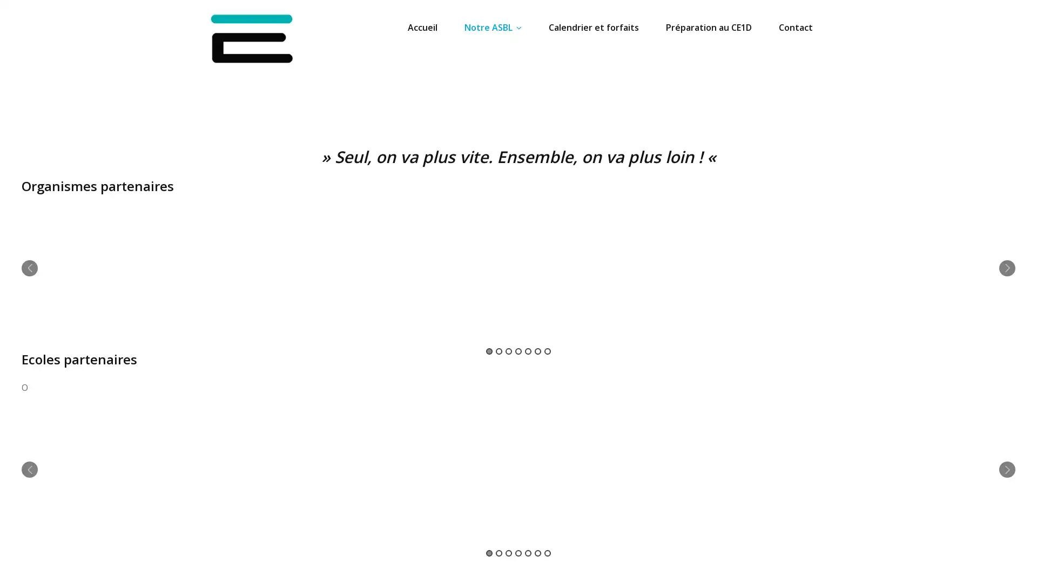 The height and width of the screenshot is (583, 1037). What do you see at coordinates (518, 351) in the screenshot?
I see `4` at bounding box center [518, 351].